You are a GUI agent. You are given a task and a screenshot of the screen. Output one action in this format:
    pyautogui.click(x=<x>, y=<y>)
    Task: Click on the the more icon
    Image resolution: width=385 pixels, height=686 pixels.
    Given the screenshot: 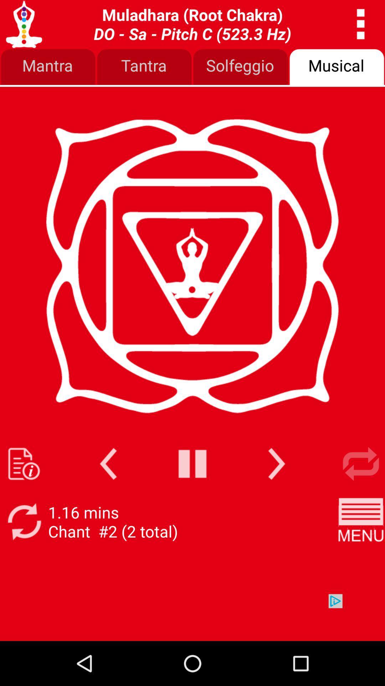 What is the action you would take?
    pyautogui.click(x=361, y=26)
    